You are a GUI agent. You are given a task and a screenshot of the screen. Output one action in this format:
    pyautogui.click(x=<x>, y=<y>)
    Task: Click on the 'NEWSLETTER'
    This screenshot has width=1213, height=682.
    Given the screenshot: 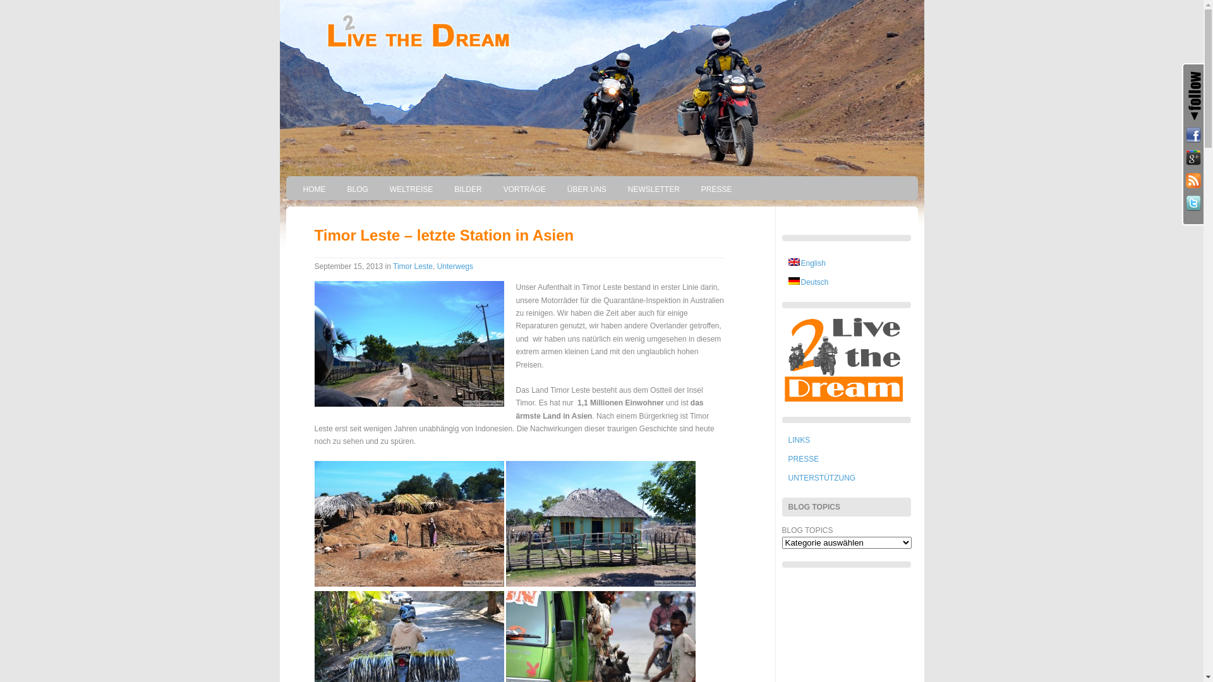 What is the action you would take?
    pyautogui.click(x=619, y=189)
    